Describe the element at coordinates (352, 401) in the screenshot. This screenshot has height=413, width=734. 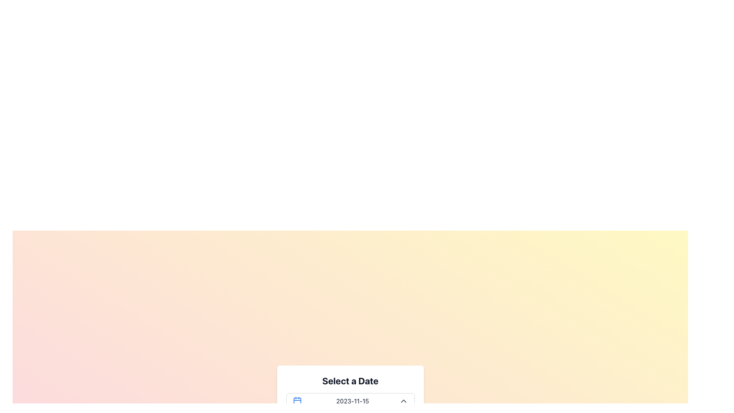
I see `date value displayed in the Text label located between the calendar icon and dropdown icon in the date picker interface` at that location.